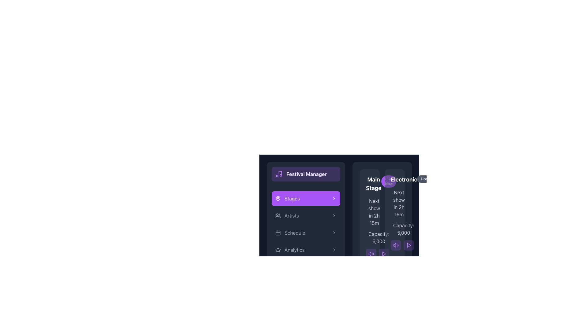 The image size is (588, 330). Describe the element at coordinates (394, 219) in the screenshot. I see `the text block that provides timing and capacity information for the upcoming event in the 'Electronic' category, located inside the card titled 'Electronic' beneath the badge 'Upcoming'` at that location.